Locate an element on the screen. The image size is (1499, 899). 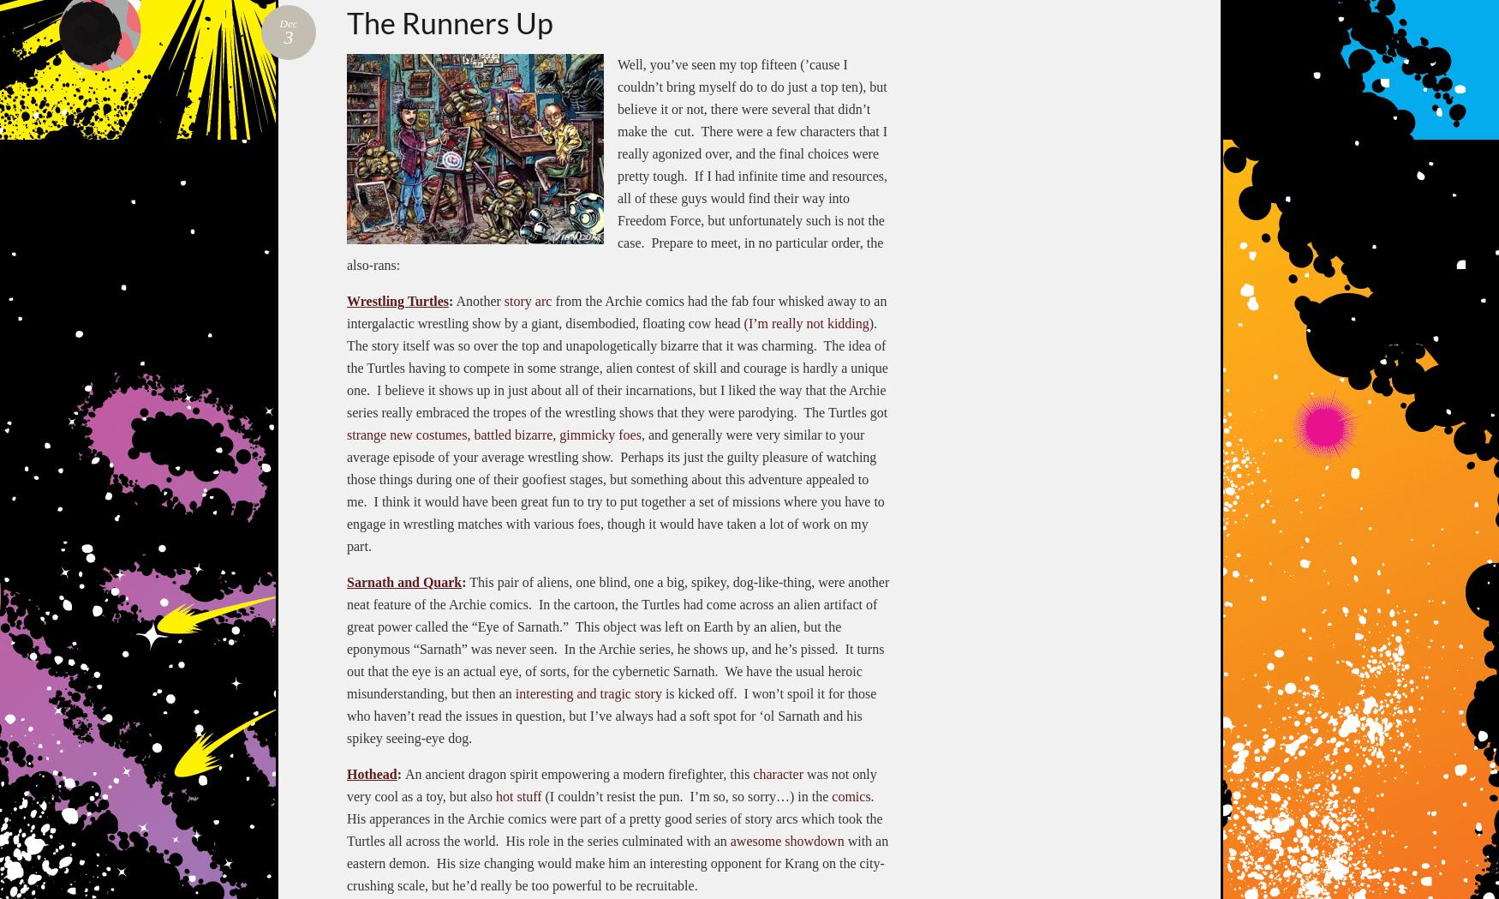
'Hothead' is located at coordinates (371, 772).